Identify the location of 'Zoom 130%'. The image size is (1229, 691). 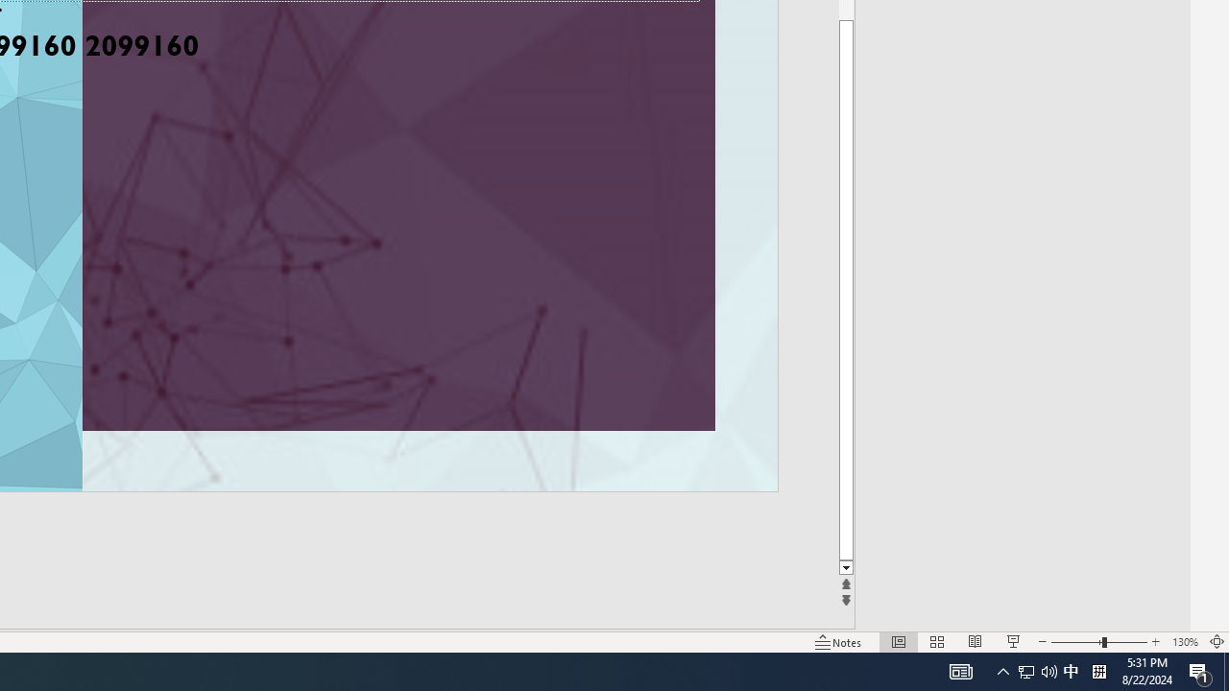
(1184, 642).